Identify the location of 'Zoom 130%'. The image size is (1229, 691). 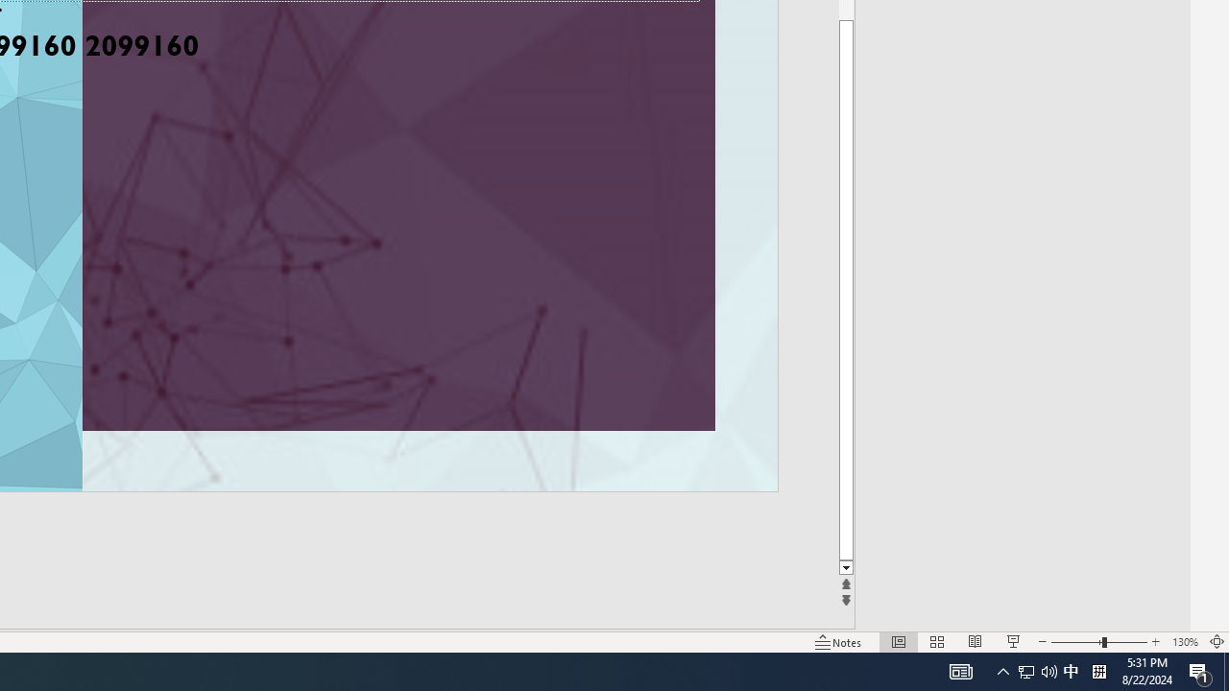
(1184, 642).